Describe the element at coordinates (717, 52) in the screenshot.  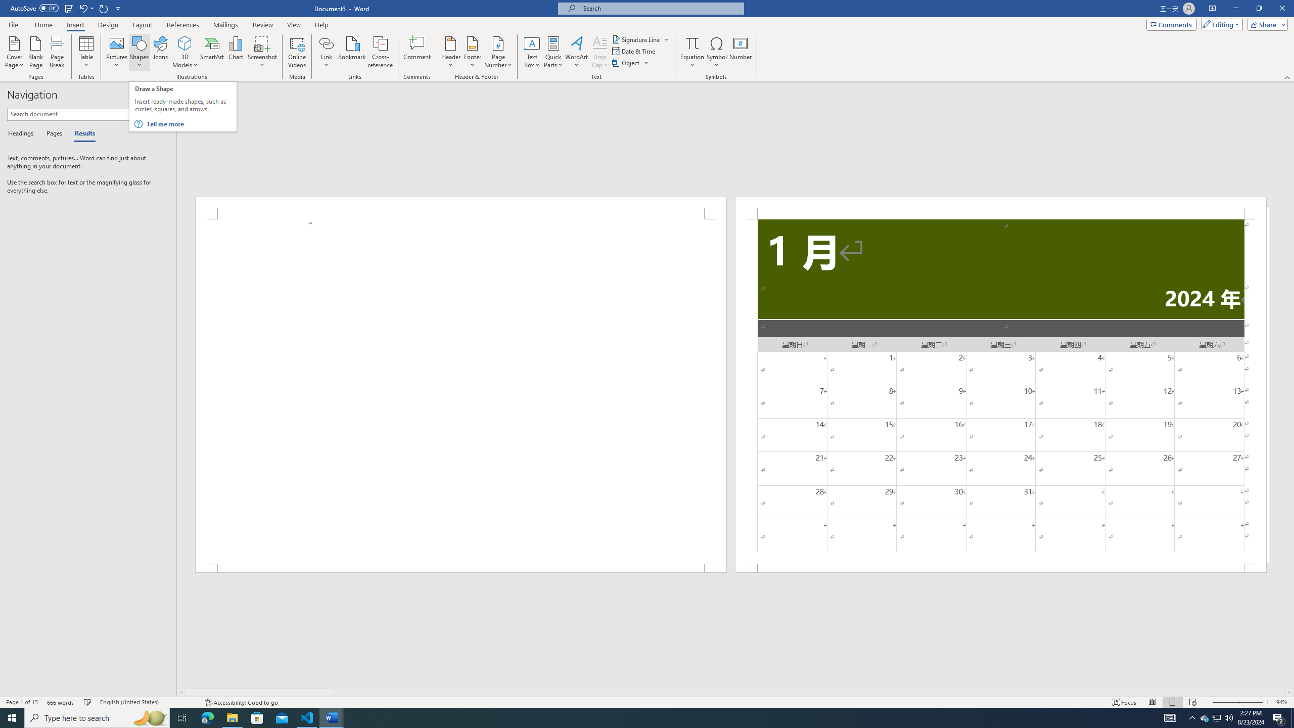
I see `'Symbol'` at that location.